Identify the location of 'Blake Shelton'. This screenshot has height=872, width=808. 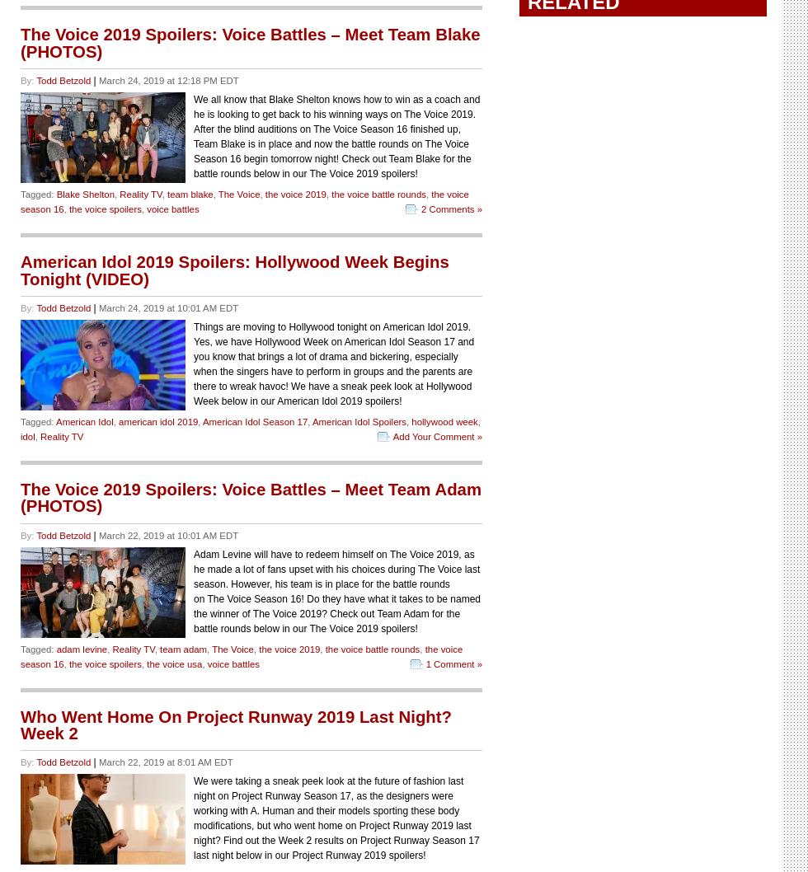
(85, 195).